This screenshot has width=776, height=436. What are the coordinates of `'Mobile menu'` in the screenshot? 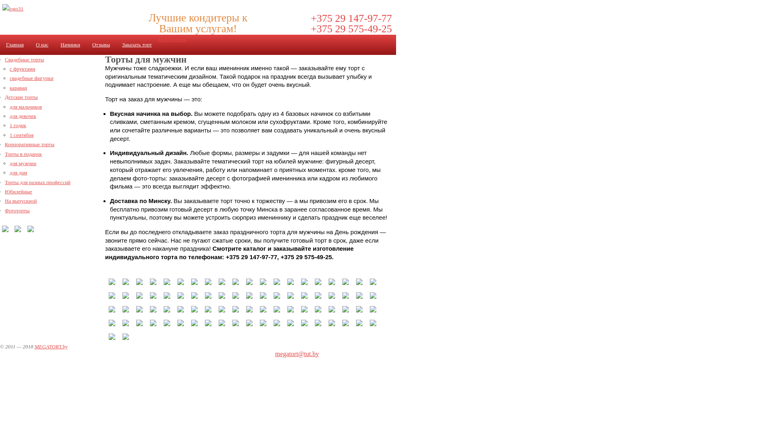 It's located at (172, 39).